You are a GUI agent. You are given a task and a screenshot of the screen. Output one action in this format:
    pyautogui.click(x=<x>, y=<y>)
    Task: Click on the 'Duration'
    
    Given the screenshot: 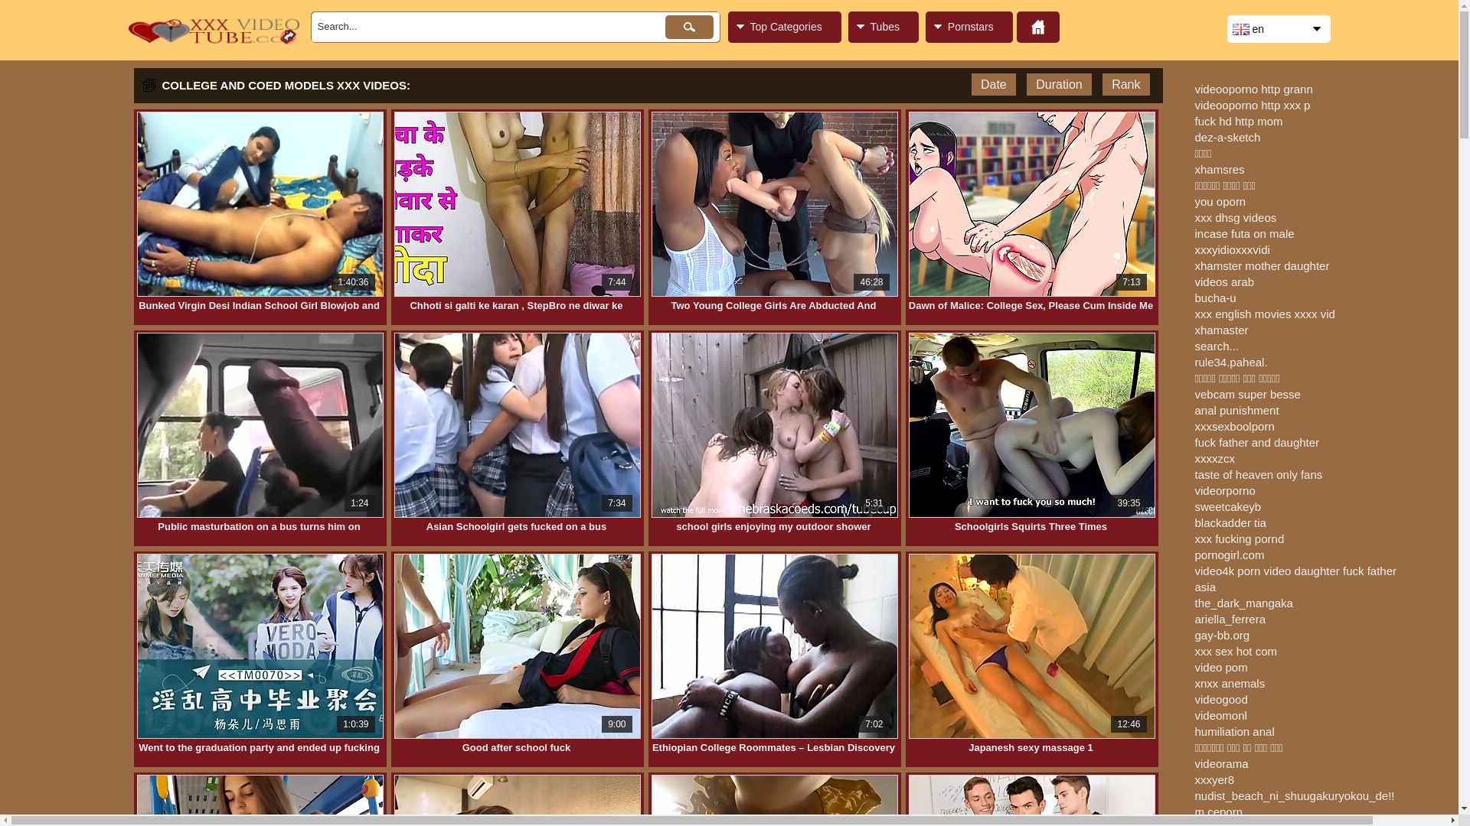 What is the action you would take?
    pyautogui.click(x=1057, y=84)
    